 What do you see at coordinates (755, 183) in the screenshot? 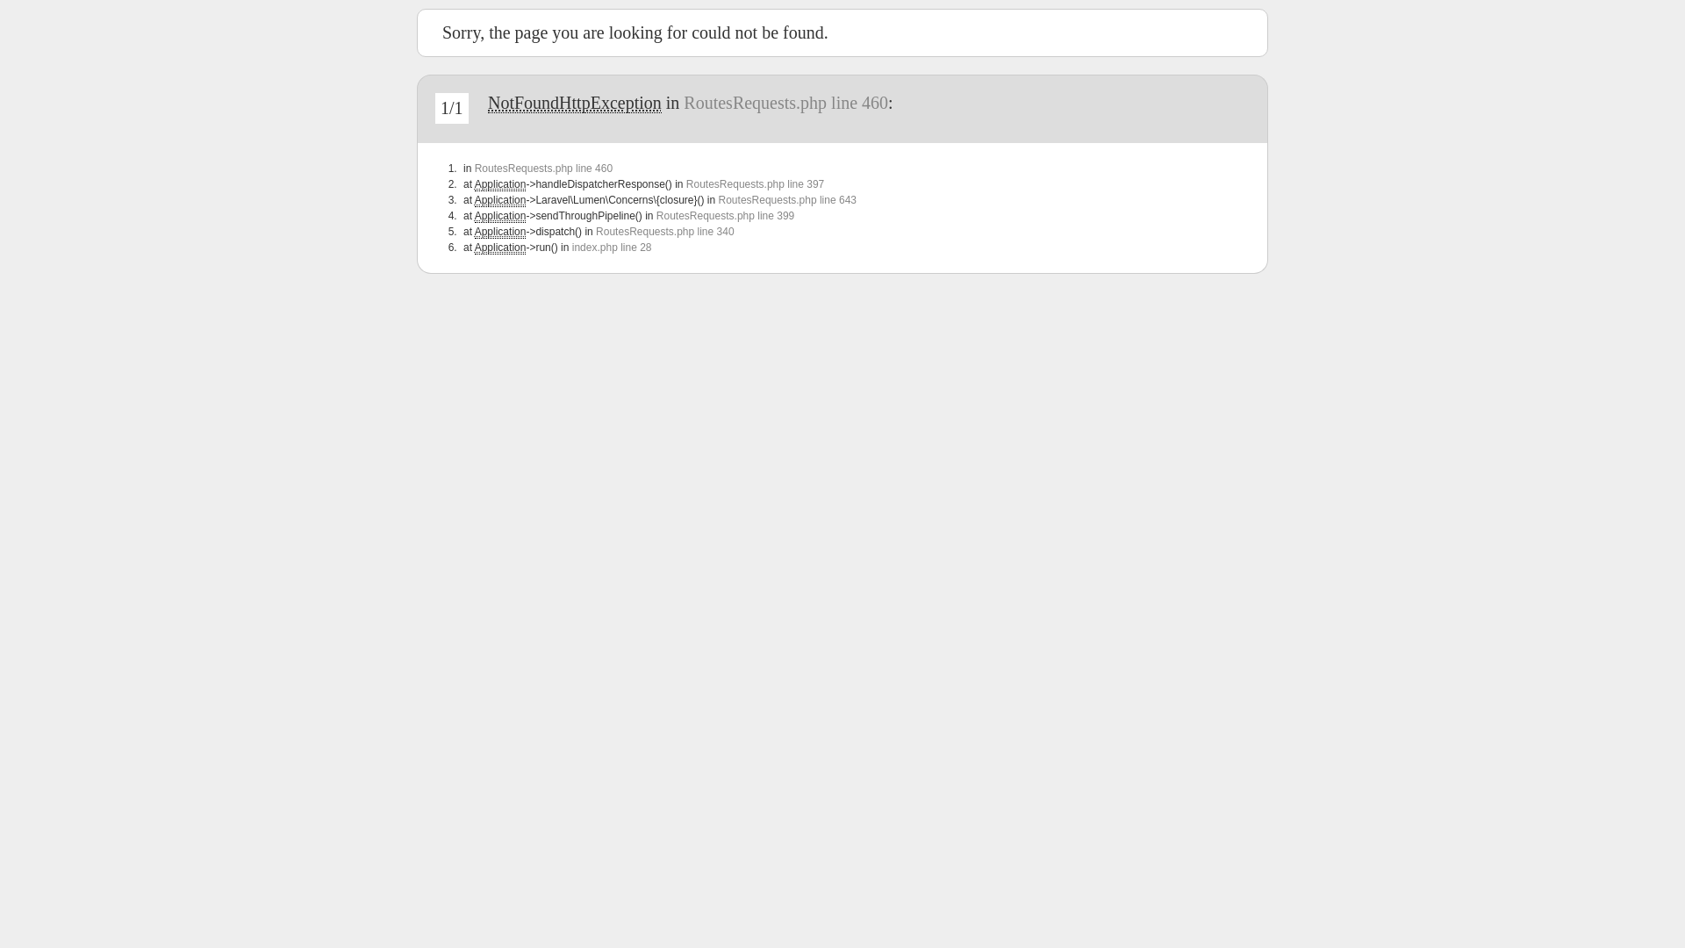
I see `'RoutesRequests.php line 397'` at bounding box center [755, 183].